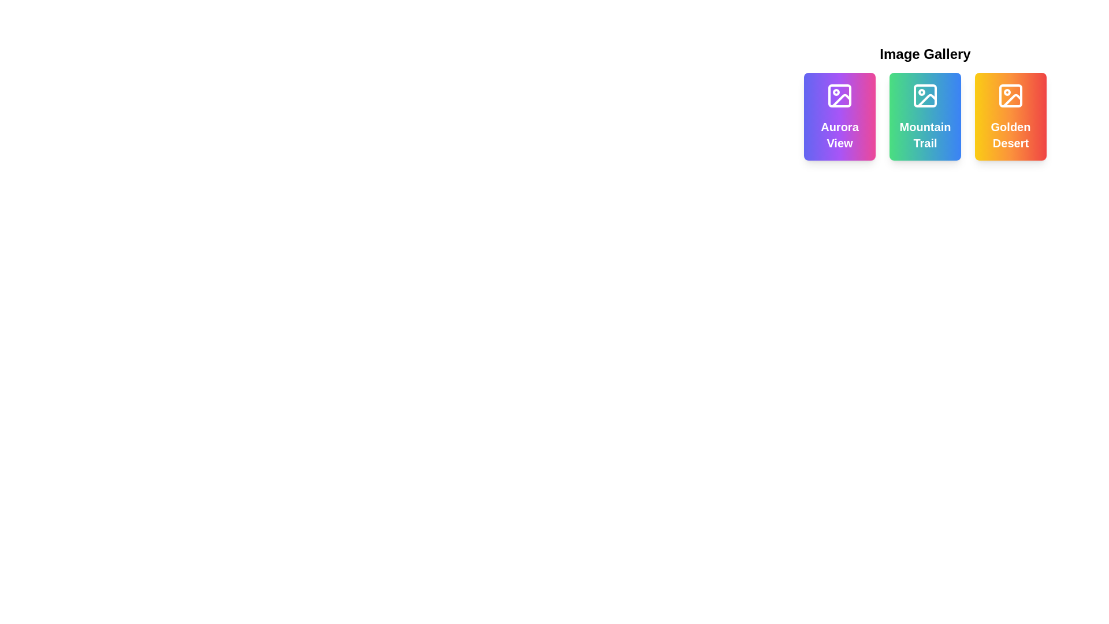 The height and width of the screenshot is (624, 1109). I want to click on text label located at the bottom of the central green card, which indicates the content or theme of the section, specifically the text 'Mountain Trail', so click(925, 135).